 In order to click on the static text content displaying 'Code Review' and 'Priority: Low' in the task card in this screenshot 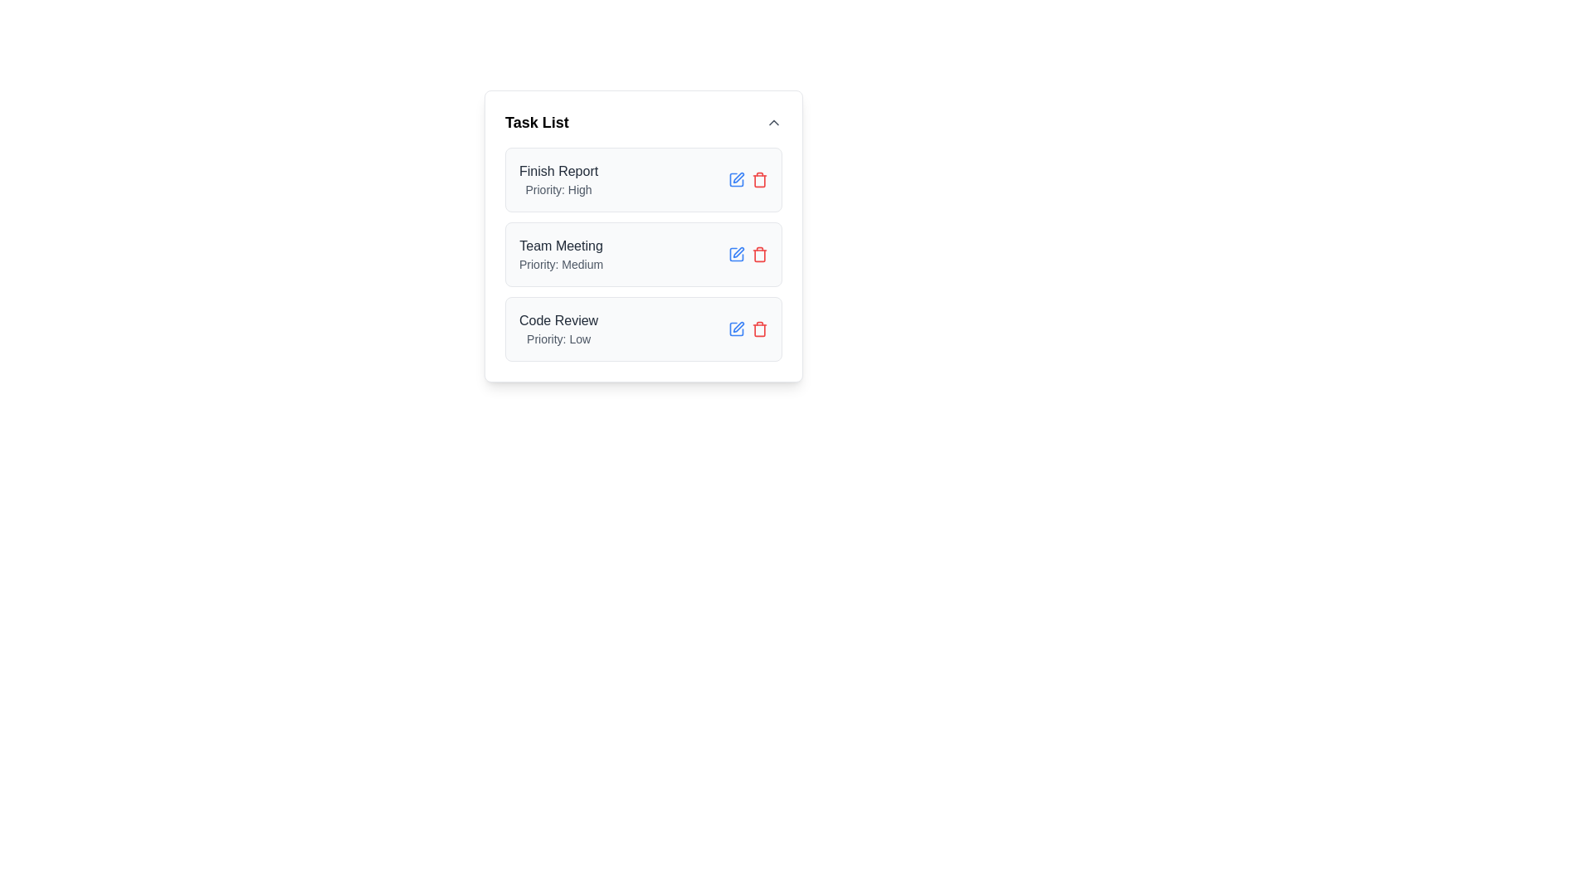, I will do `click(558, 329)`.